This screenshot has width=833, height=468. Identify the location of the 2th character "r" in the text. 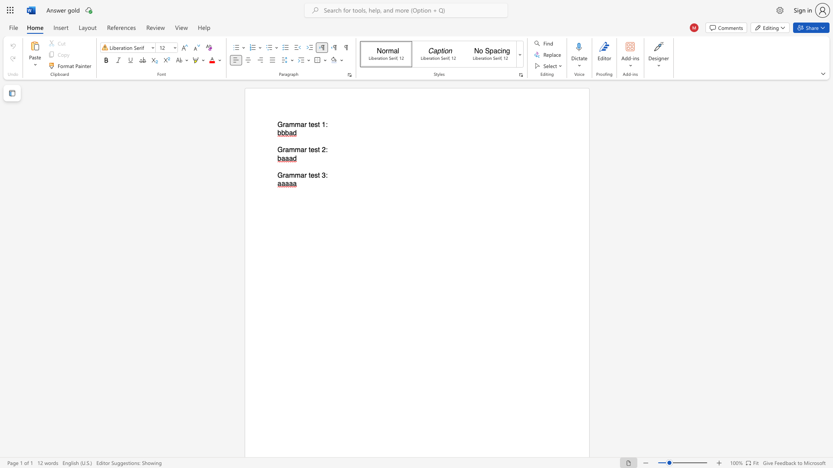
(305, 175).